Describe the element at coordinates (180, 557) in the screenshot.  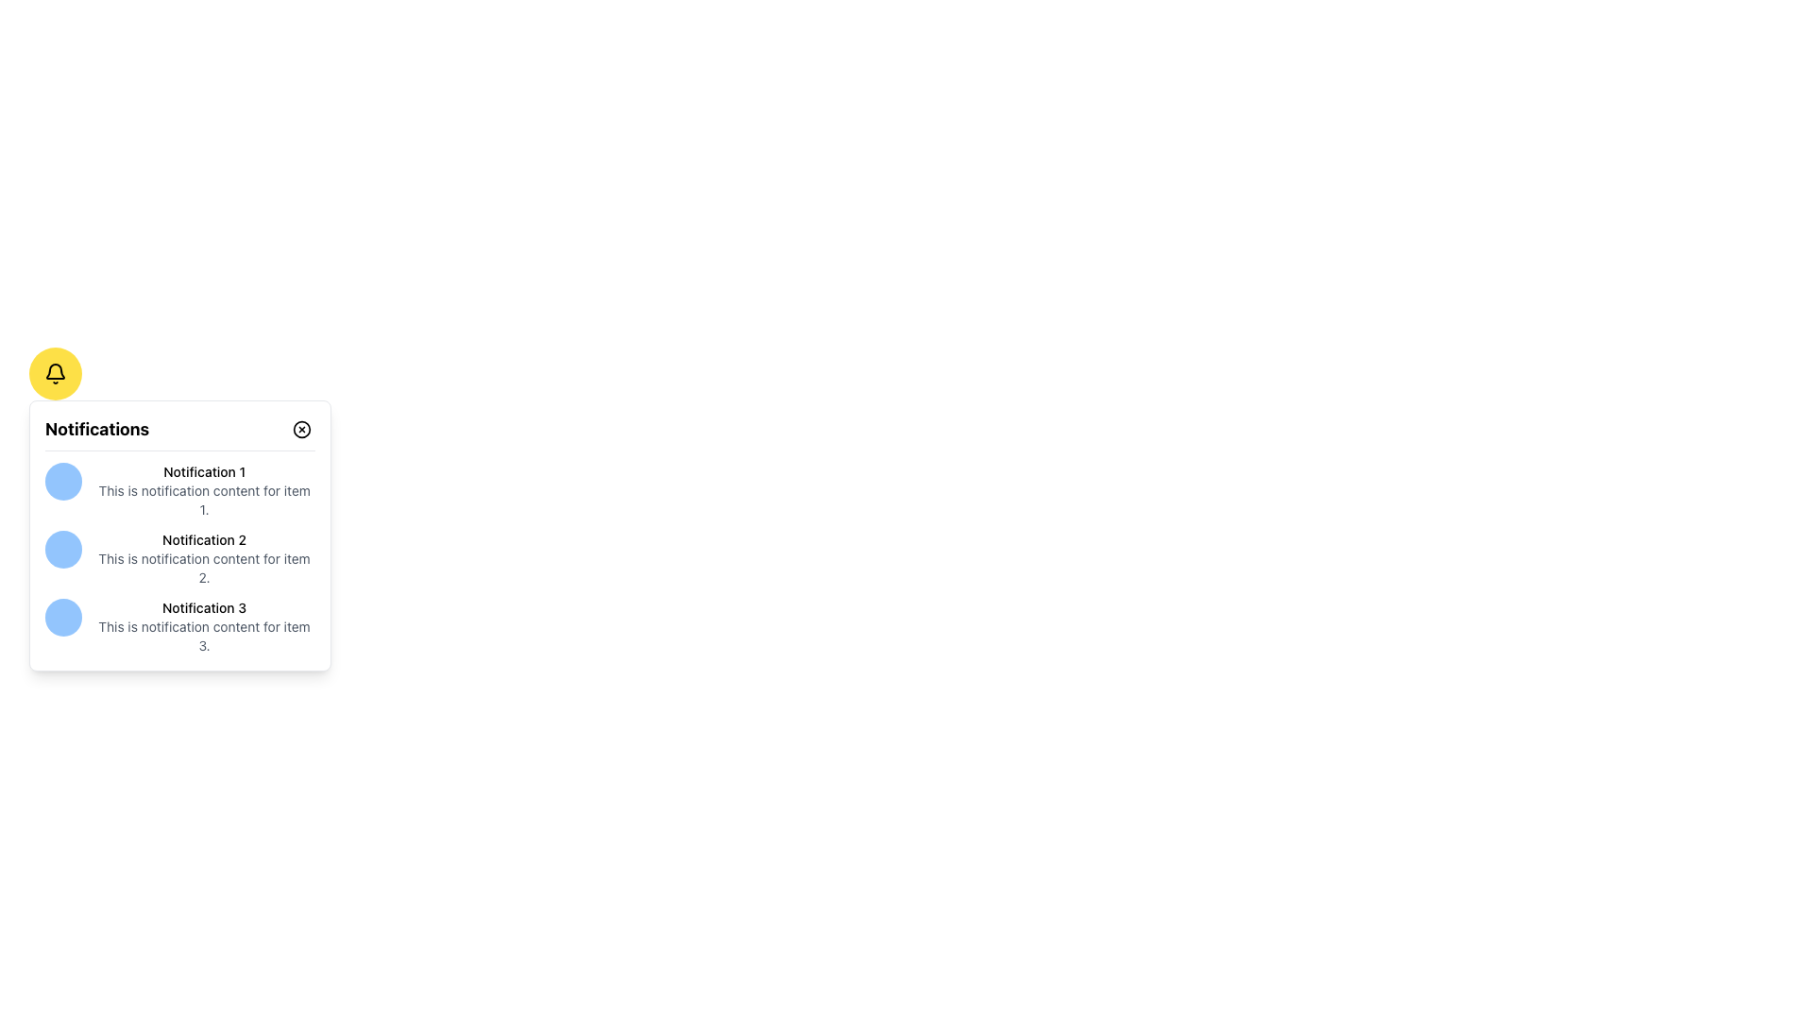
I see `the second notification item in the notification panel, which is located below 'Notification 1' and above 'Notification 3'` at that location.